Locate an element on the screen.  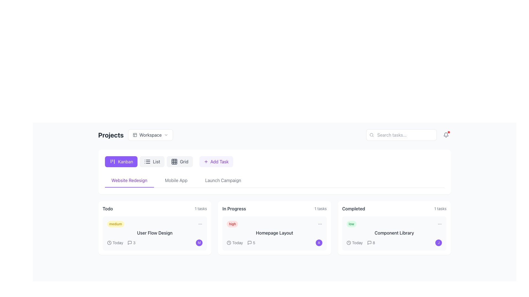
the decorative icon representing the 'Workspace' section, located to the left of the 'Workspace' text in the upper-left section of the interface is located at coordinates (135, 135).